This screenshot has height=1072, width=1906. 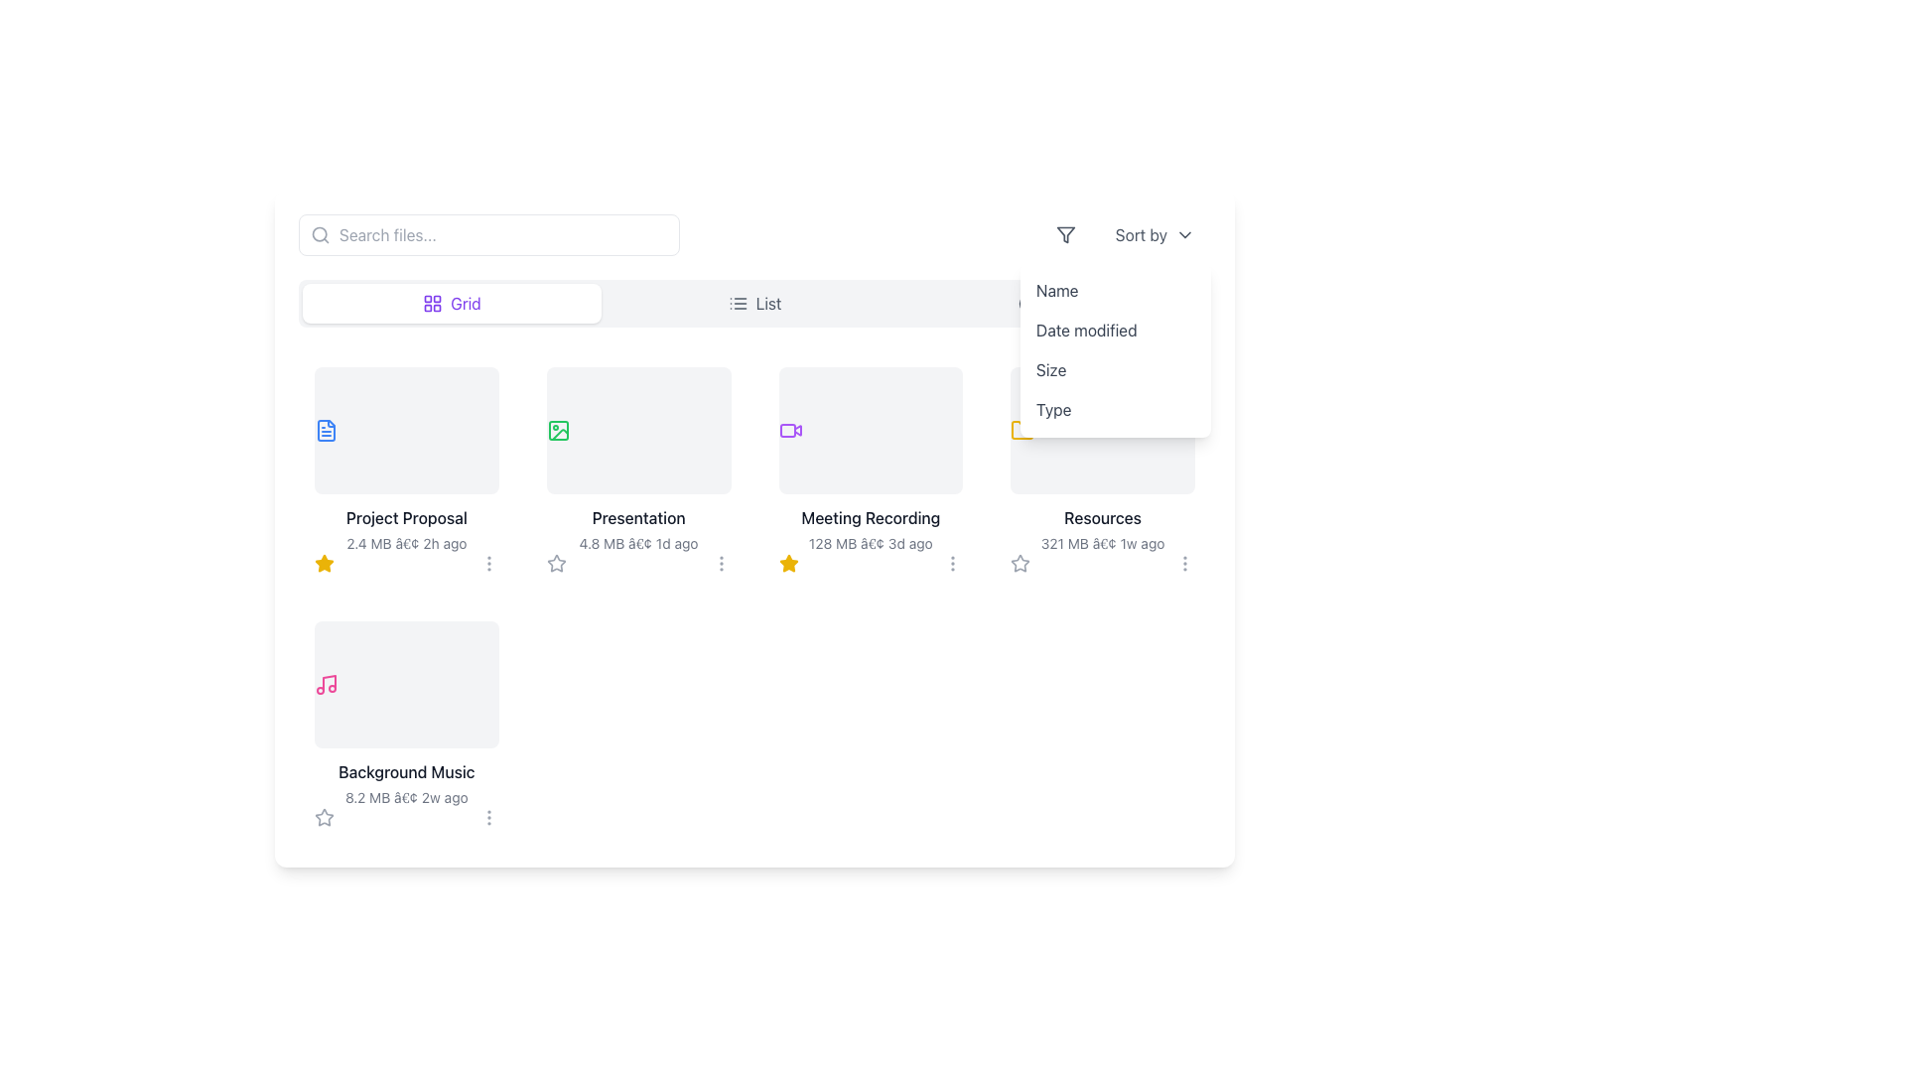 What do you see at coordinates (871, 516) in the screenshot?
I see `the 'Meeting Recording' text label which is displayed in bold, medium-weight typeface and dark gray color, positioned centrally above additional details in a vertically structured group` at bounding box center [871, 516].